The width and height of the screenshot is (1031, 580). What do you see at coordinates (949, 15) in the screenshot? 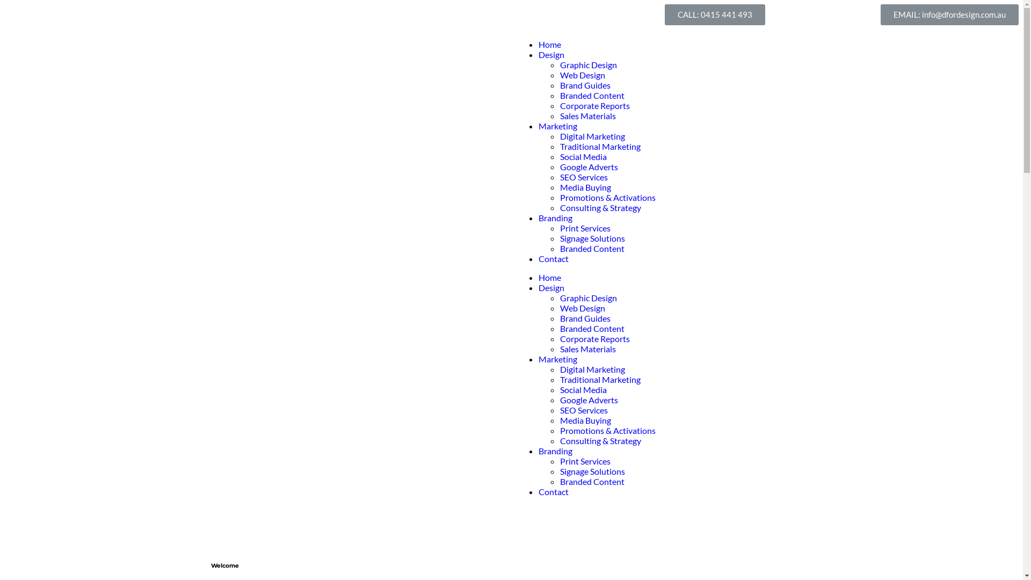
I see `'EMAIL: info@dfordesign.com.au'` at bounding box center [949, 15].